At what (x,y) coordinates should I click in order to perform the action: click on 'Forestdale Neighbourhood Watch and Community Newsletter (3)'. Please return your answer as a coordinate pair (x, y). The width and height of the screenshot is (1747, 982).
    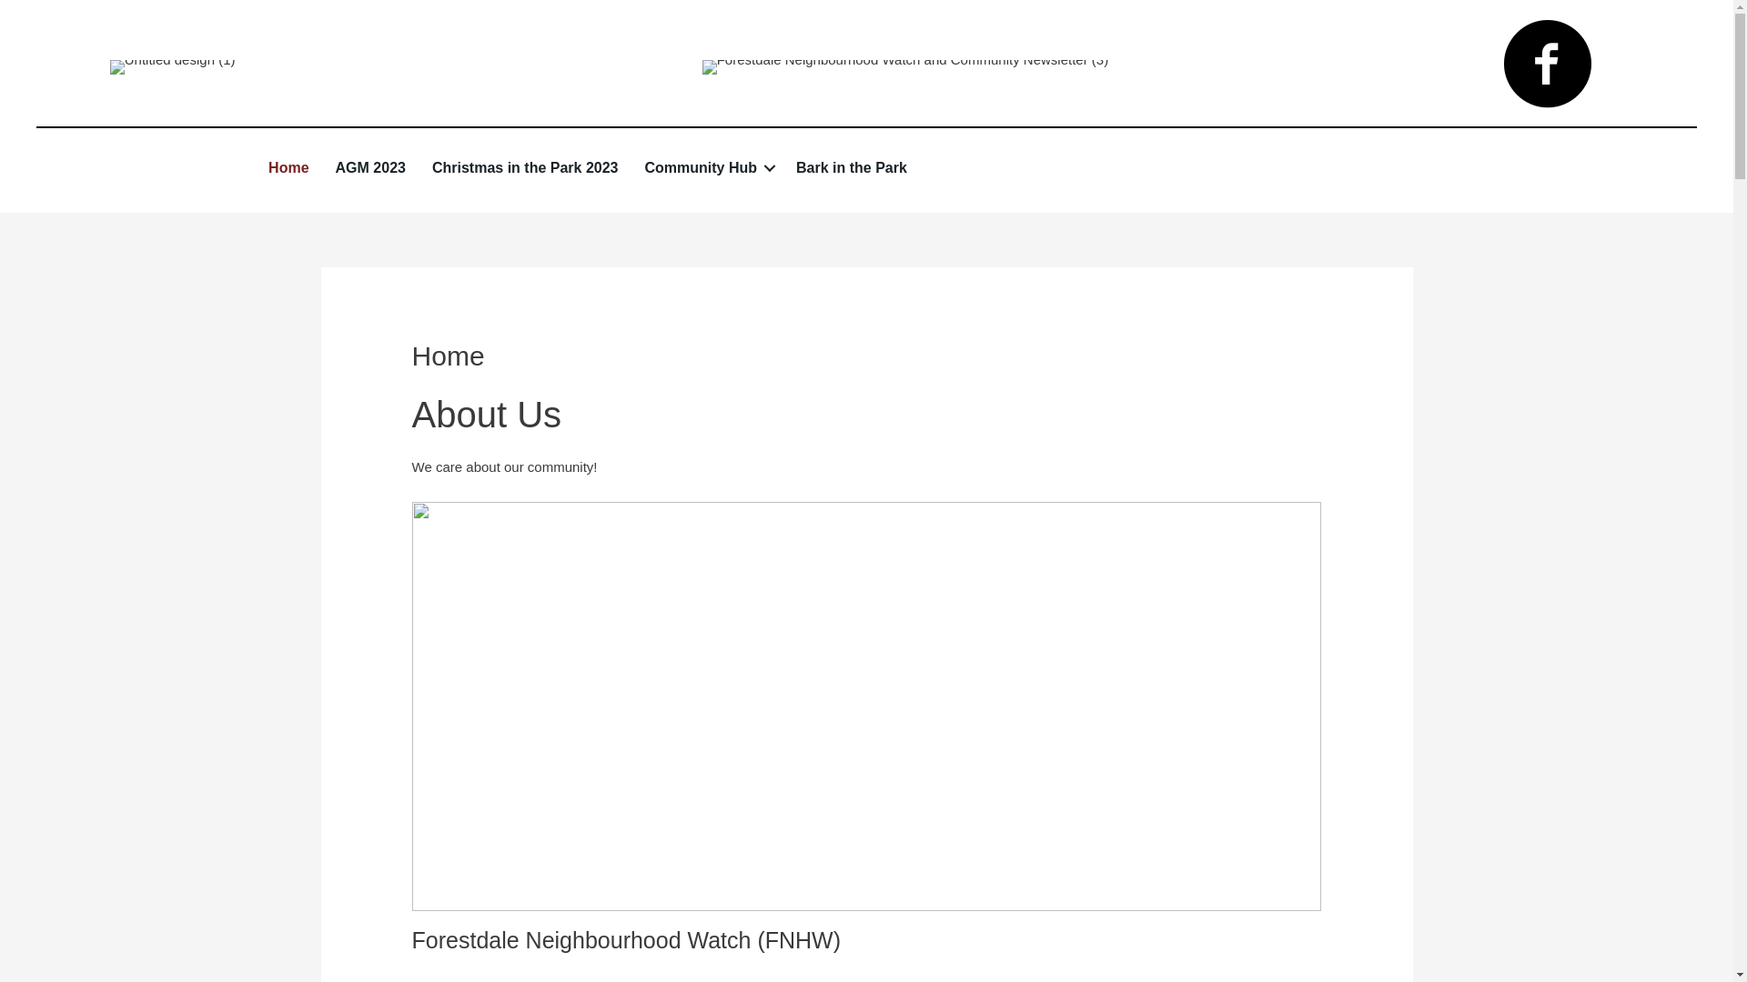
    Looking at the image, I should click on (904, 65).